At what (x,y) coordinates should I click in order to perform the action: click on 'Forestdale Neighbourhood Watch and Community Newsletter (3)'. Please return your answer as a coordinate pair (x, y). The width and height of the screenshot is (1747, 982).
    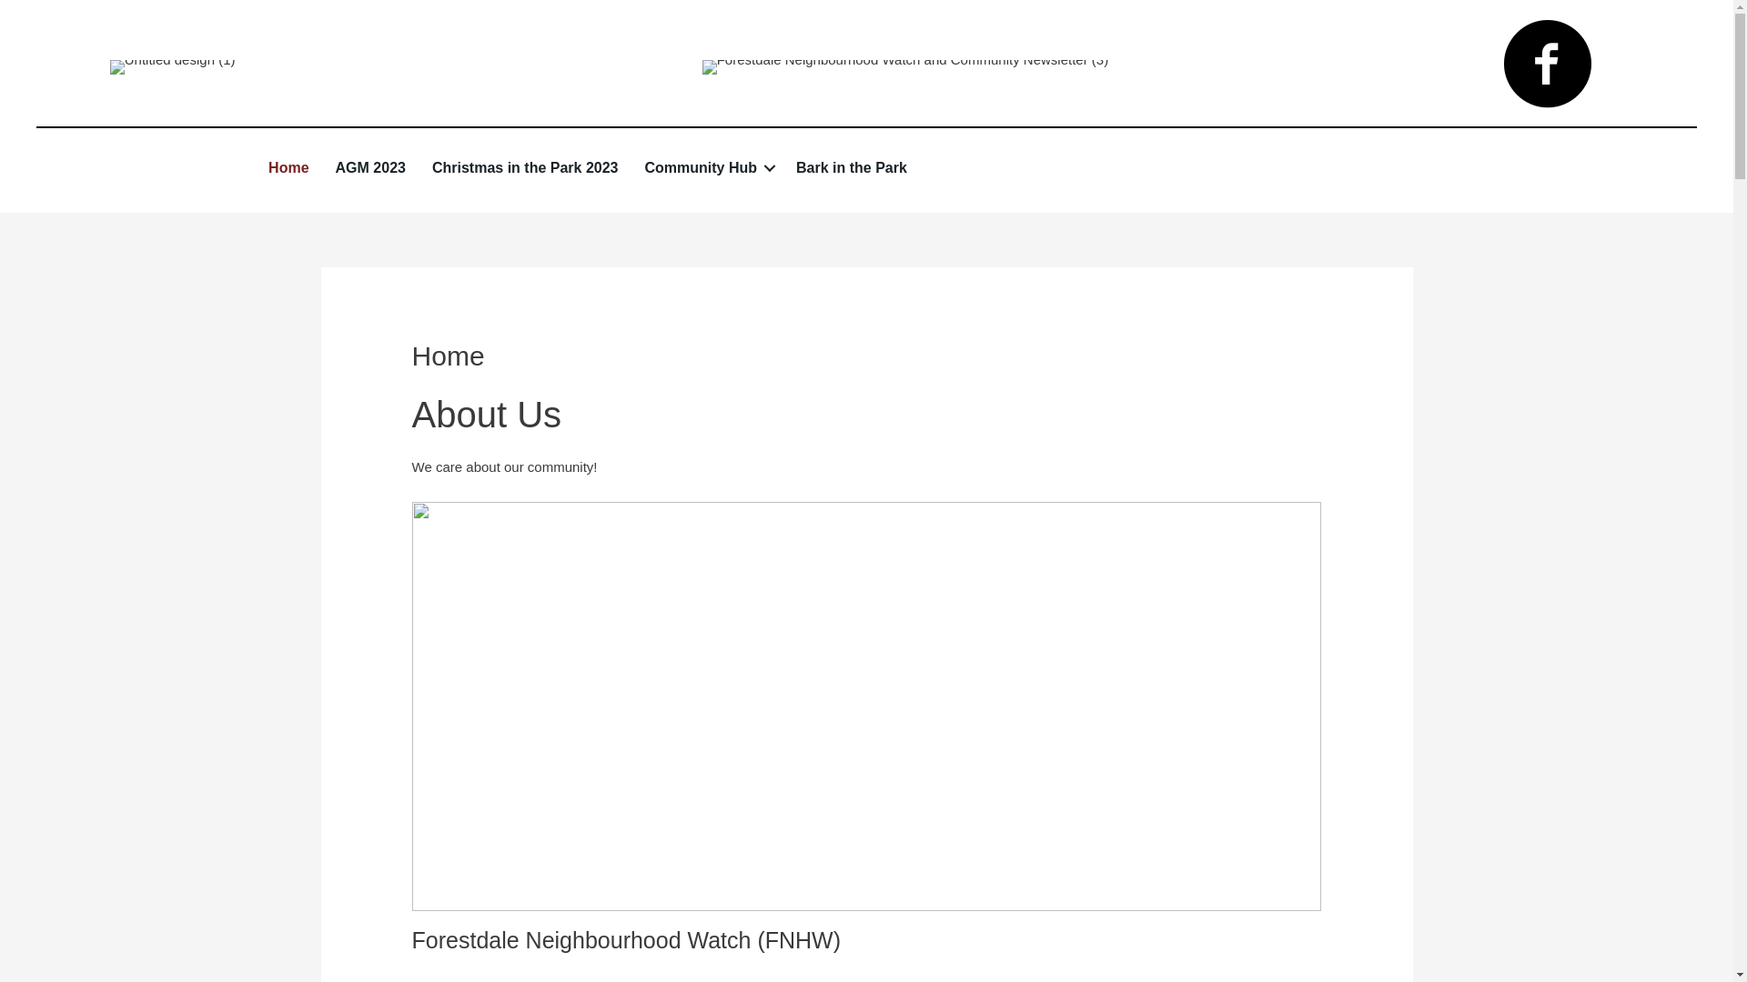
    Looking at the image, I should click on (904, 65).